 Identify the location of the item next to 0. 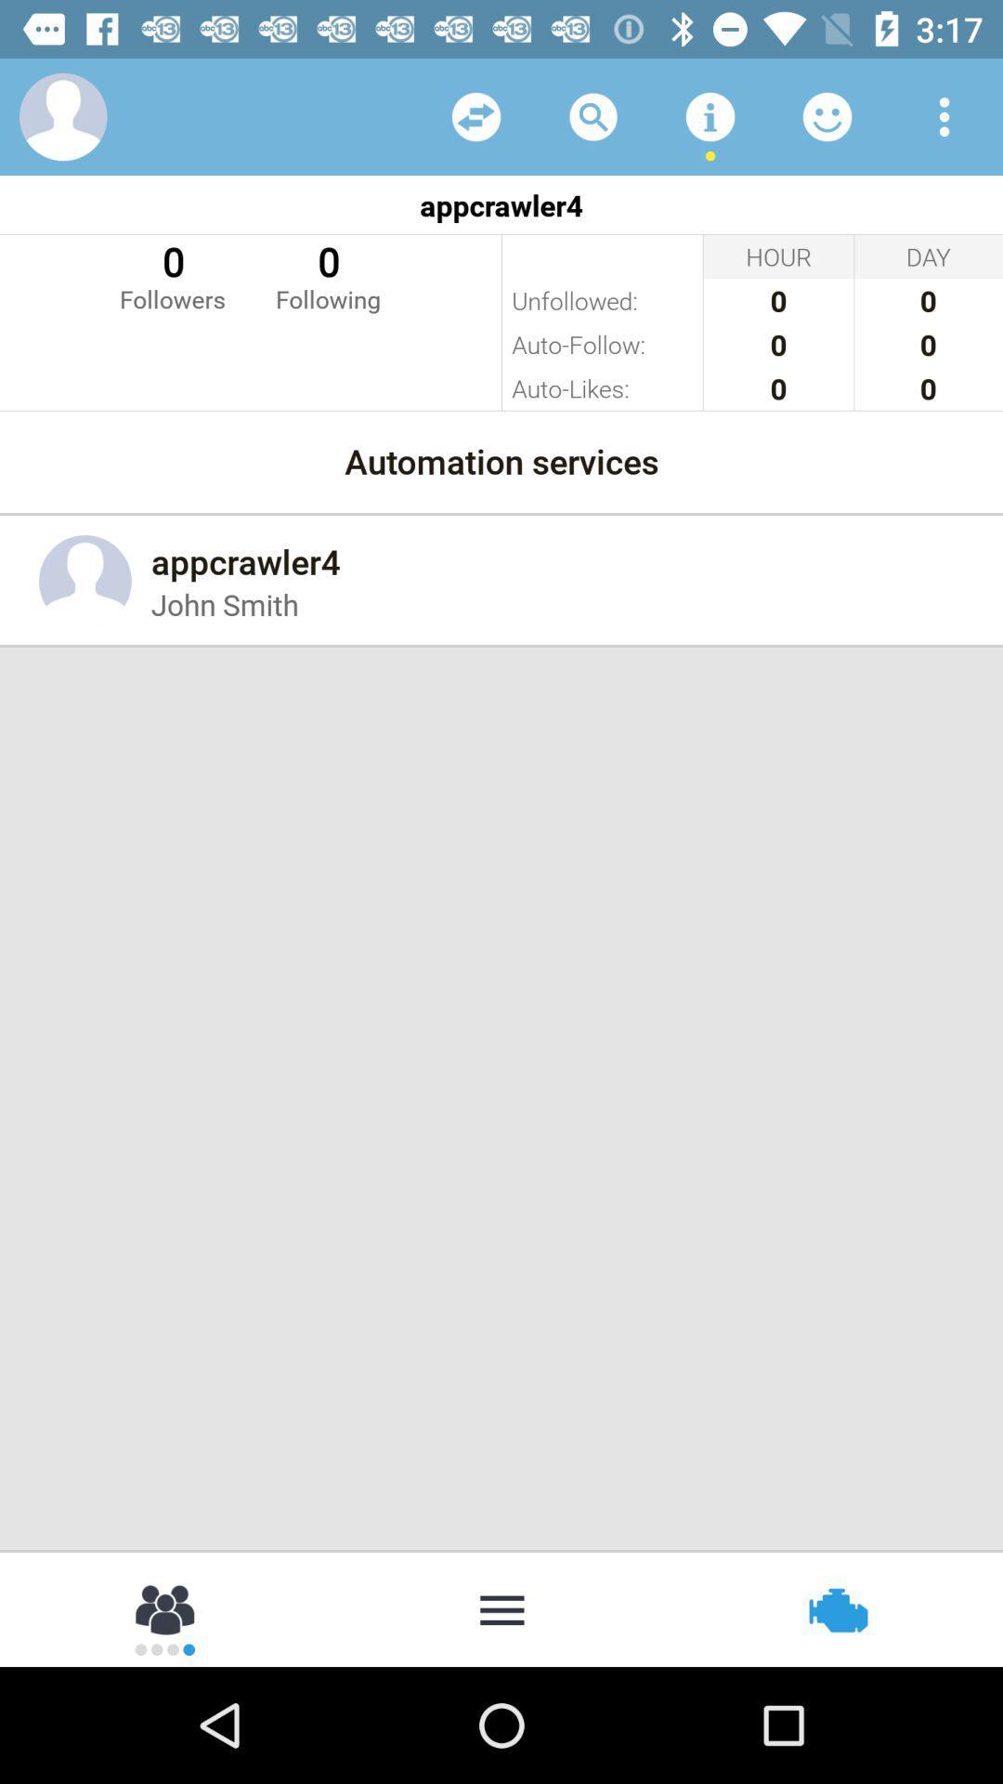
(172, 274).